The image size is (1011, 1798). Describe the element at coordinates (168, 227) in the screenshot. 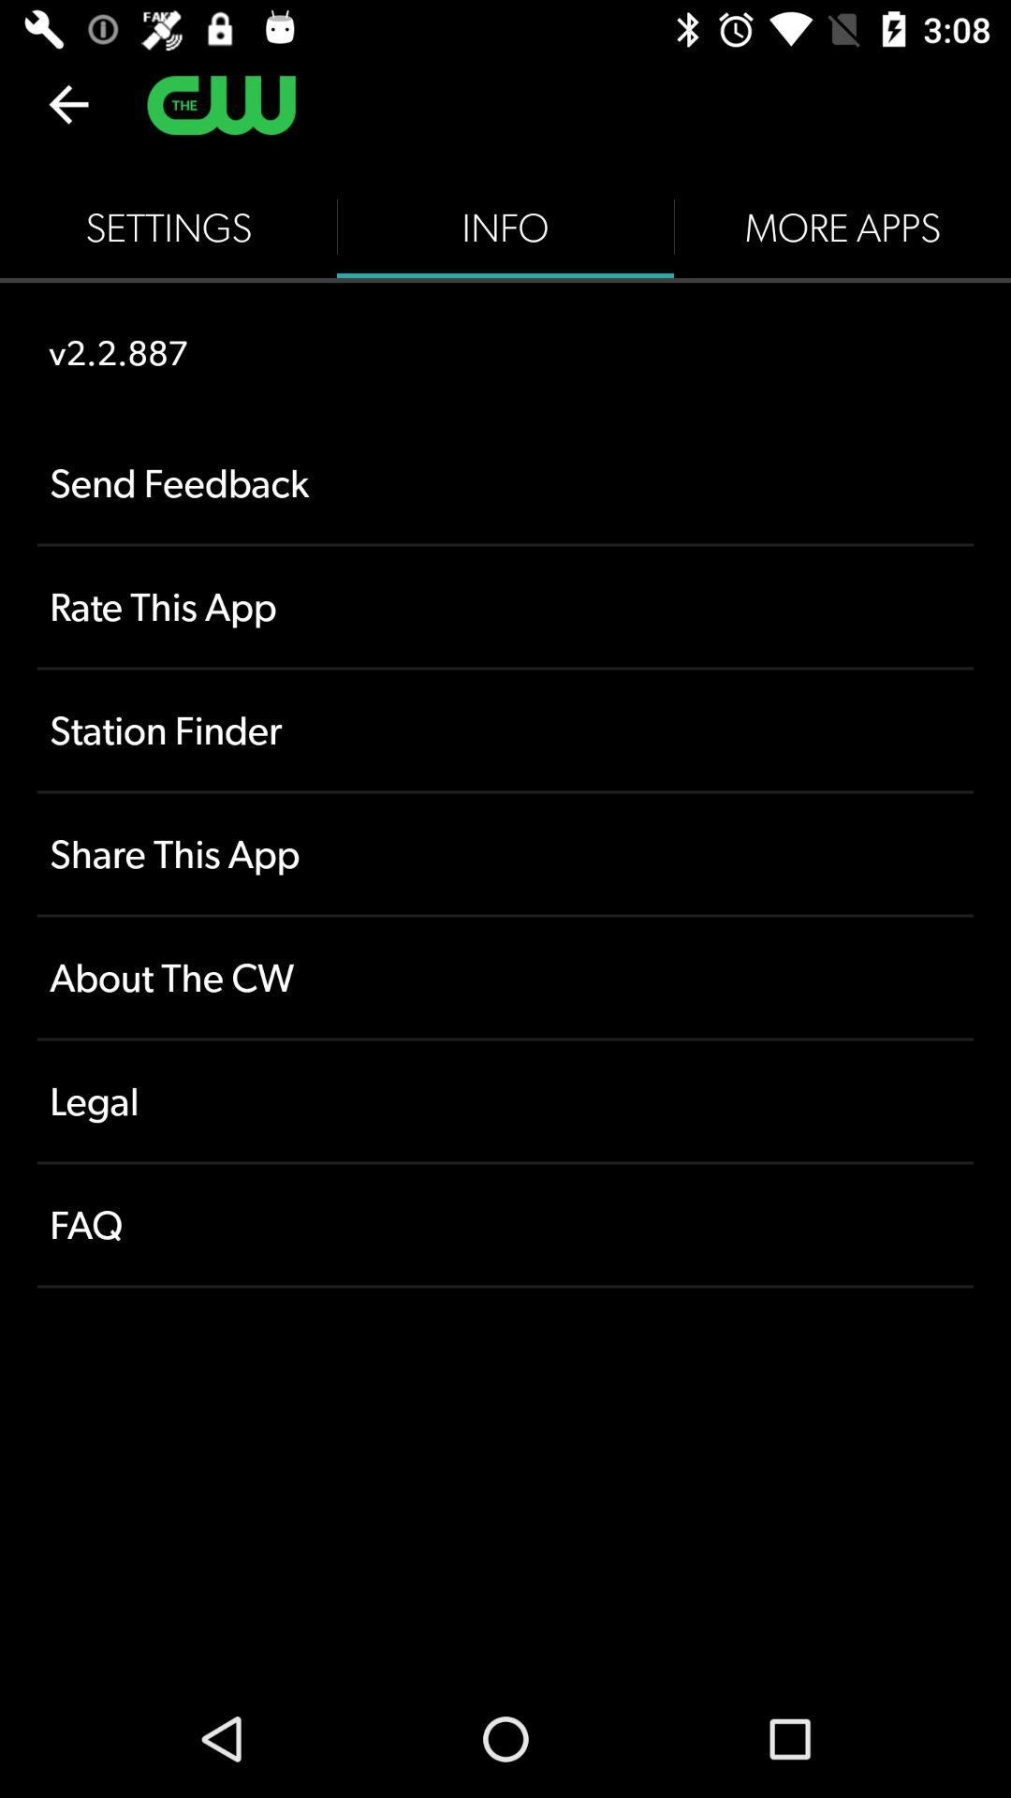

I see `icon to the left of the info` at that location.